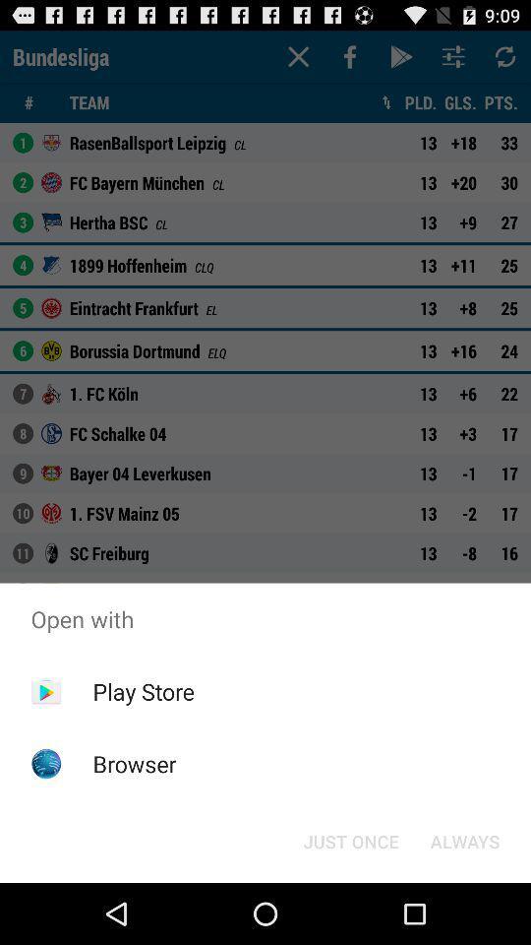 This screenshot has height=945, width=531. Describe the element at coordinates (464, 840) in the screenshot. I see `the always icon` at that location.